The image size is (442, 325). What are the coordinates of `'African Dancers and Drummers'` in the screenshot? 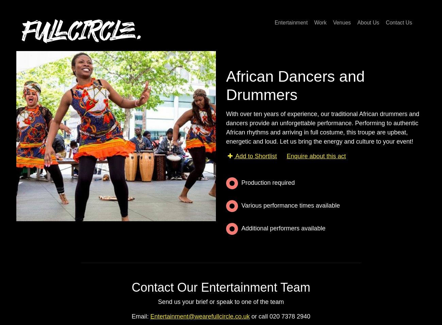 It's located at (295, 85).